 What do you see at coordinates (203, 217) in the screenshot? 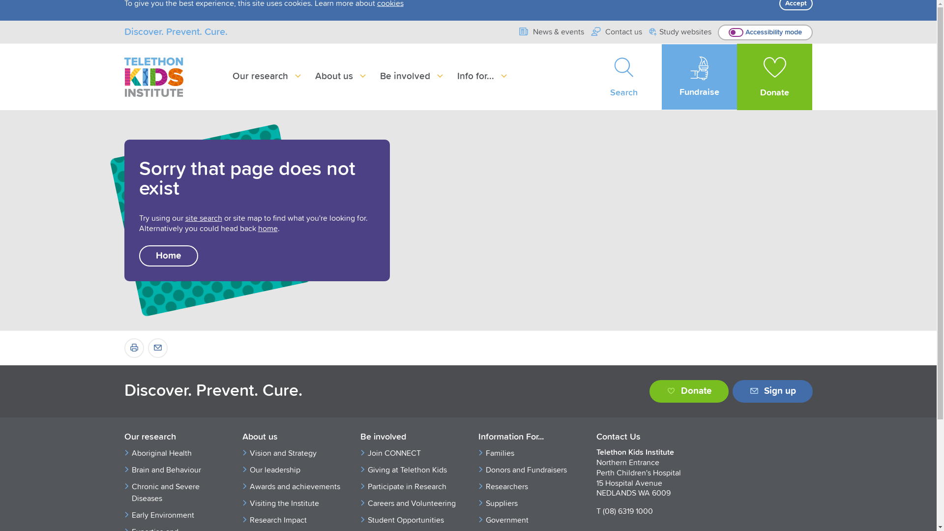
I see `'site search'` at bounding box center [203, 217].